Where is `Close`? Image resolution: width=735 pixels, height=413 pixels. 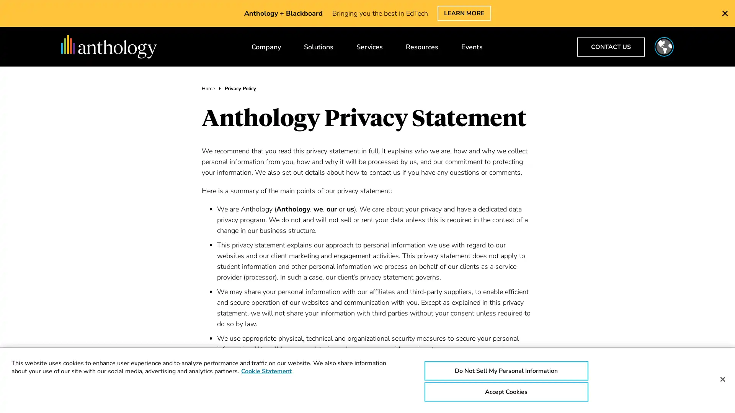
Close is located at coordinates (722, 379).